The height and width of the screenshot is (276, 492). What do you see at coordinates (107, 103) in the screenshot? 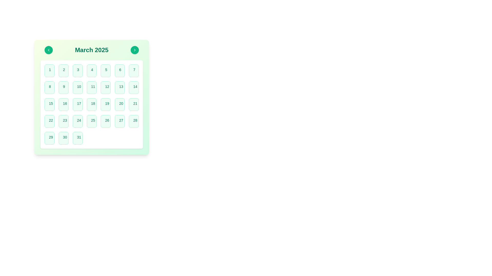
I see `the text label displaying the number '19' in bold emerald green color, located in the fourth row and second column of the calendar grid for March 2025` at bounding box center [107, 103].